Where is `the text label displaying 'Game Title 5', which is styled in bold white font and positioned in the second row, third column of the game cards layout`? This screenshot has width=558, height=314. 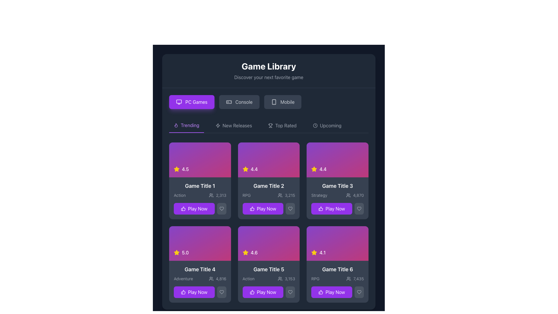
the text label displaying 'Game Title 5', which is styled in bold white font and positioned in the second row, third column of the game cards layout is located at coordinates (269, 270).